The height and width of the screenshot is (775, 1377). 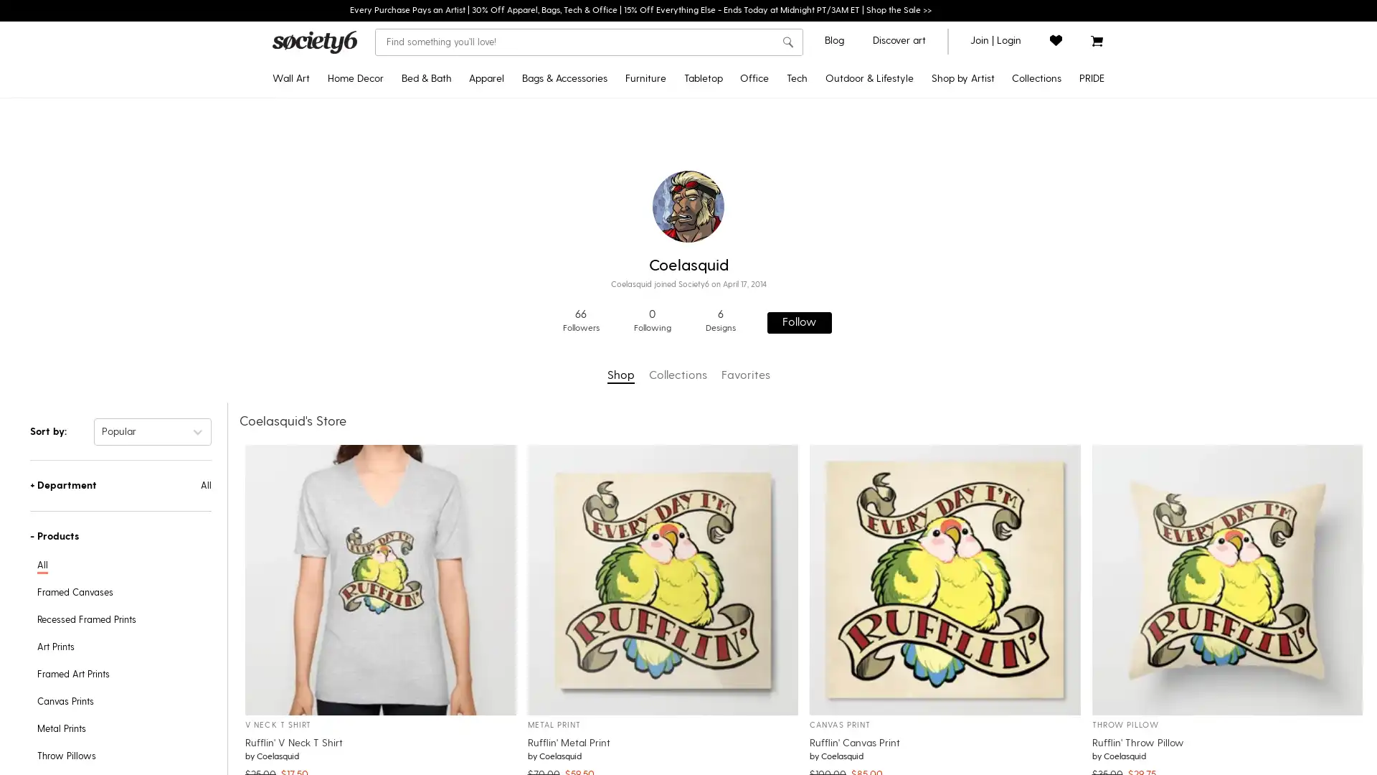 I want to click on Floor Cushions, so click(x=888, y=415).